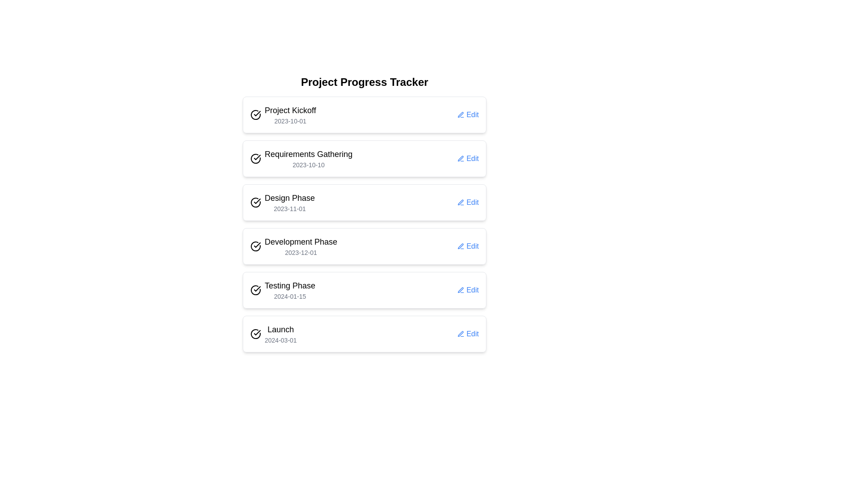 This screenshot has width=860, height=483. I want to click on the 'Design Phase' text display component, which features 'Design Phase' in bold and '2023-11-01' in gray, so click(290, 202).